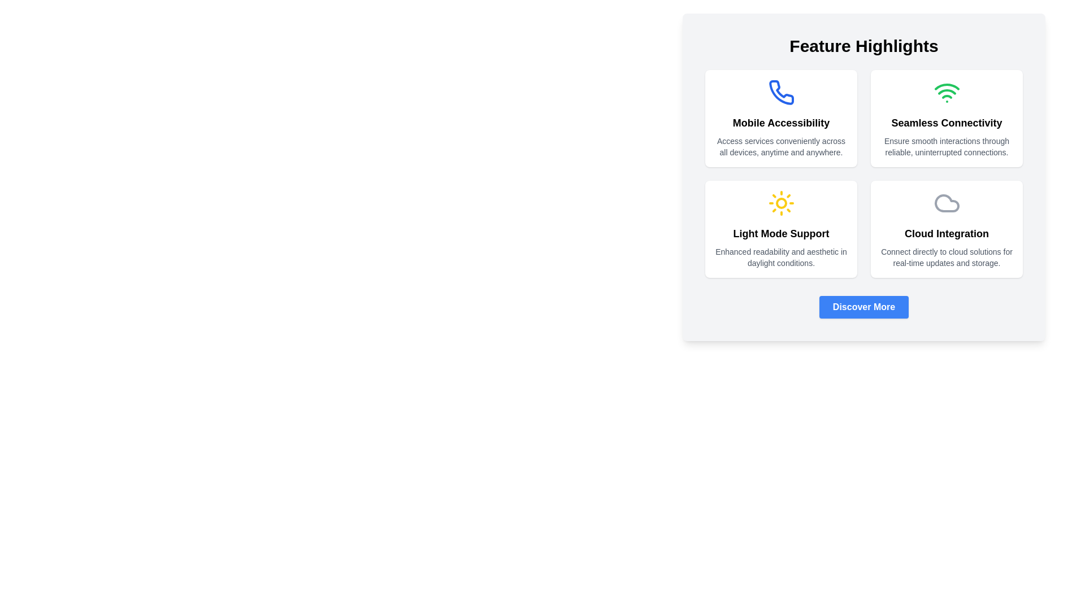 The height and width of the screenshot is (610, 1085). Describe the element at coordinates (947, 202) in the screenshot. I see `the cloud icon representing the 'Cloud Integration' feature located in the bottom-right card under 'Feature Highlights'` at that location.